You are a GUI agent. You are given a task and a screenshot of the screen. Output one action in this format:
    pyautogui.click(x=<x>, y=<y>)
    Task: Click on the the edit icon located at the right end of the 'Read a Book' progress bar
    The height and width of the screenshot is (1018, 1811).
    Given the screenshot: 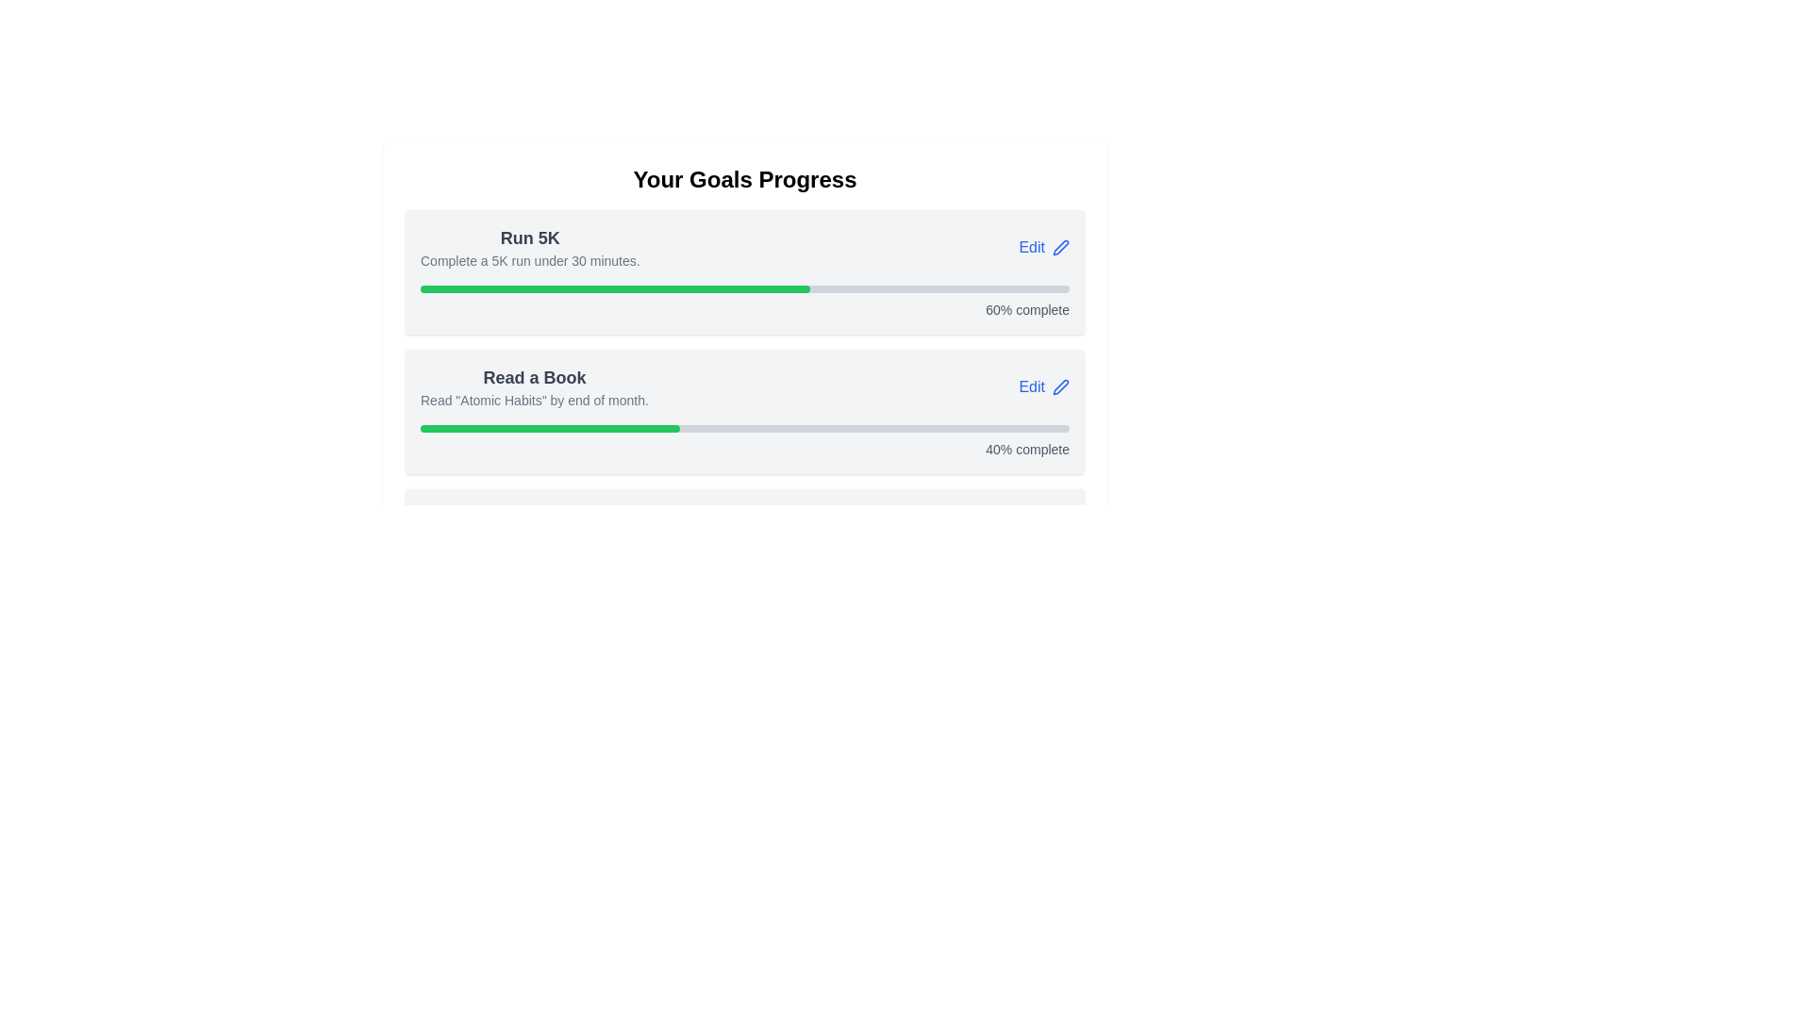 What is the action you would take?
    pyautogui.click(x=1060, y=386)
    